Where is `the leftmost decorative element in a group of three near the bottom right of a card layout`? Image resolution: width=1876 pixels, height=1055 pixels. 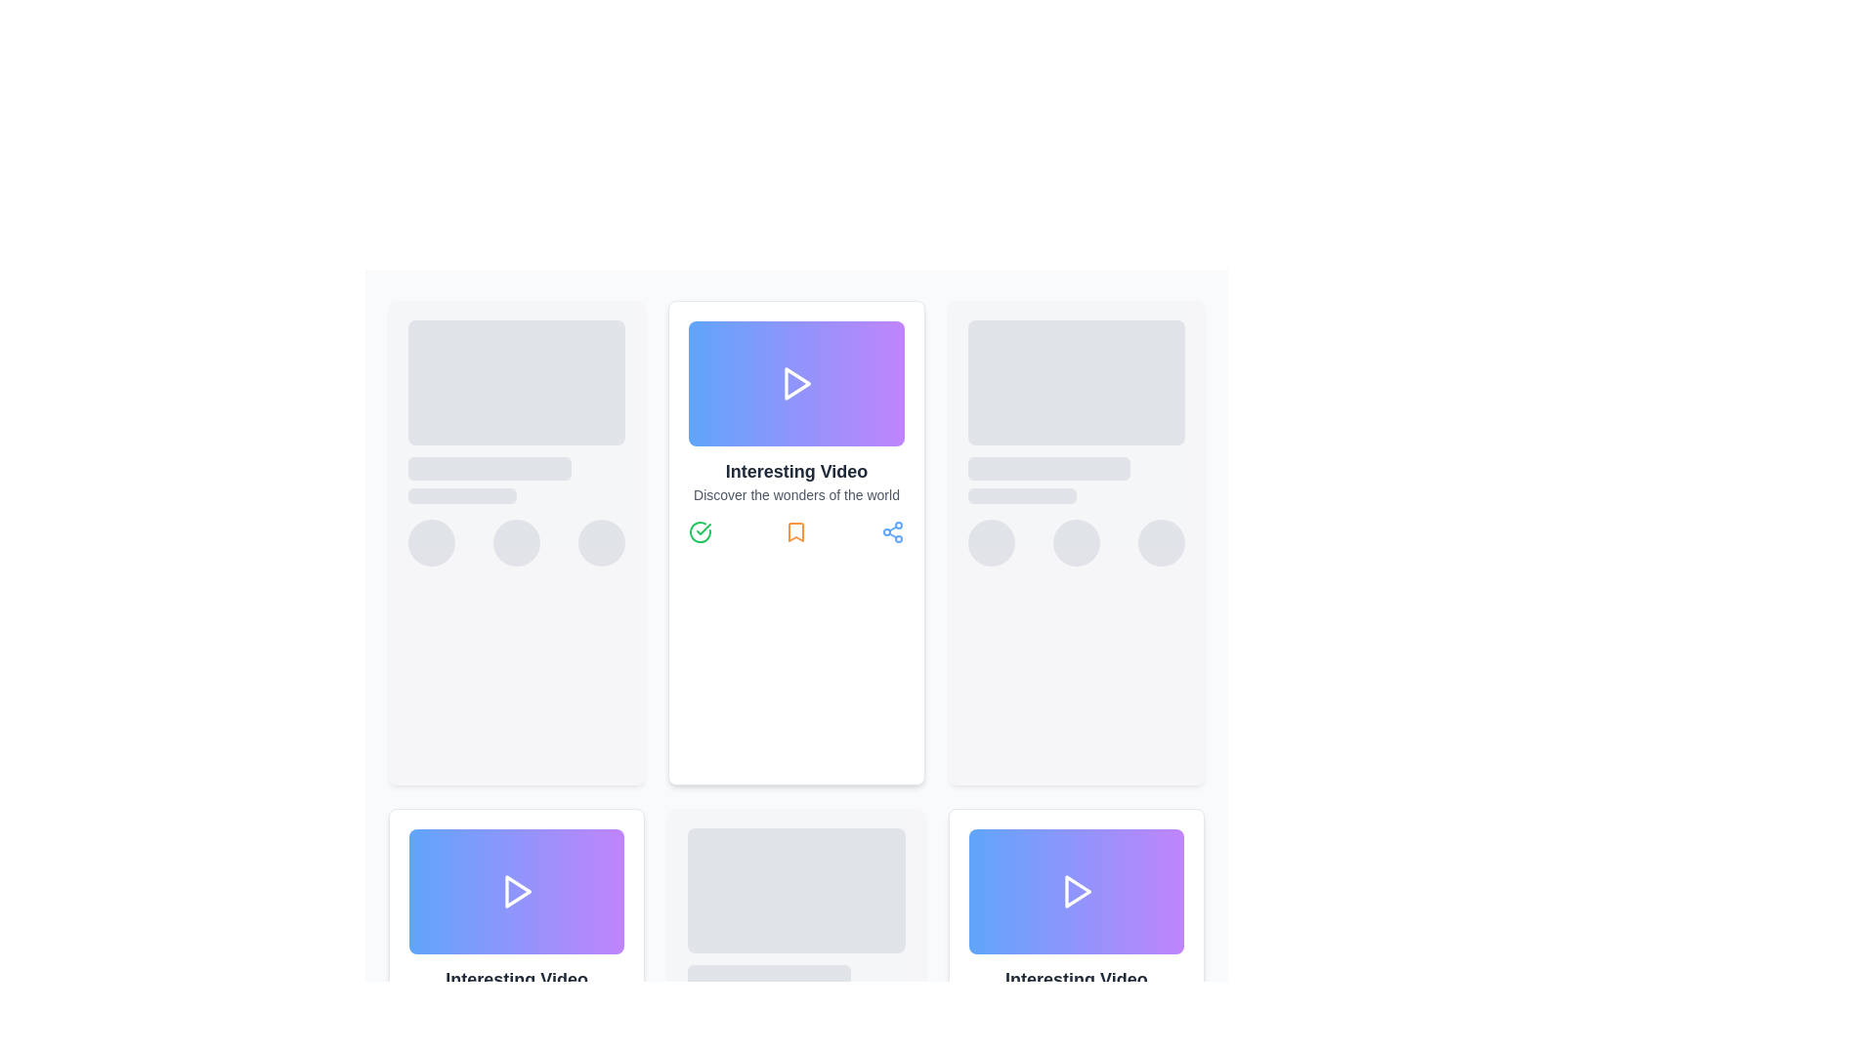
the leftmost decorative element in a group of three near the bottom right of a card layout is located at coordinates (991, 542).